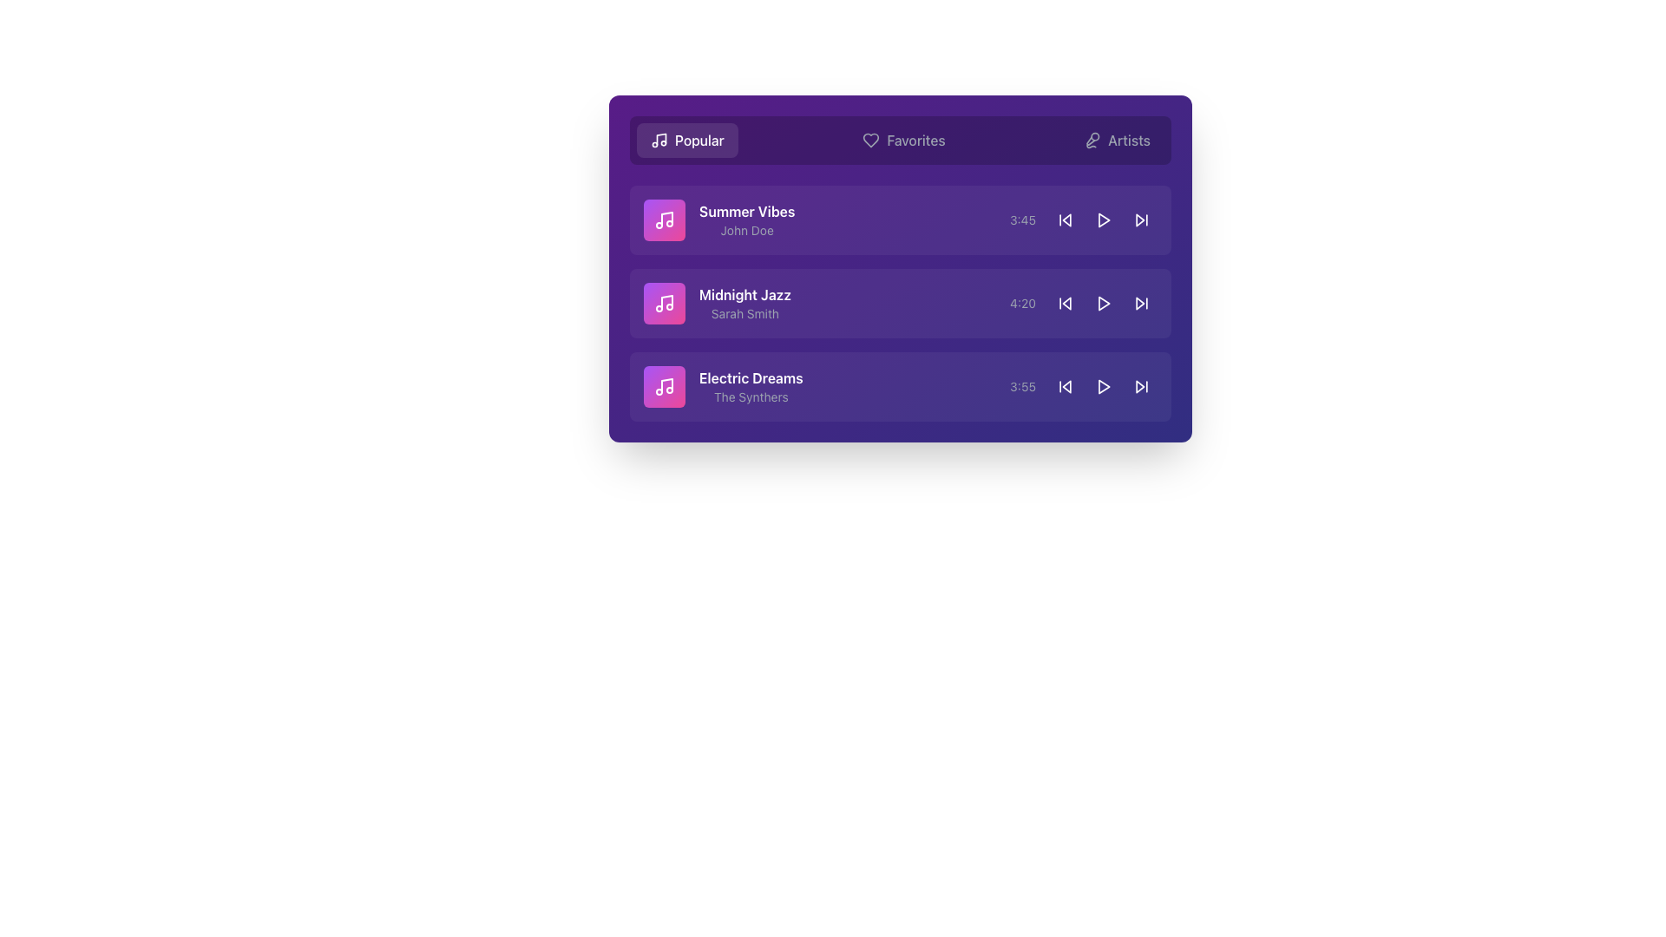  What do you see at coordinates (1023, 303) in the screenshot?
I see `the text label displaying the duration of the track, which is the second one among similar duration labels, located to the right of the track entry titled 'Midnight Jazz'` at bounding box center [1023, 303].